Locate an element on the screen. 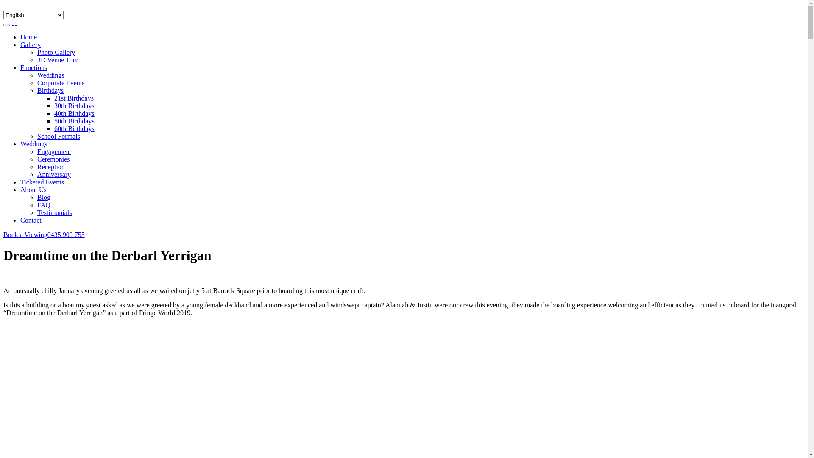  '0435 909 755' is located at coordinates (47, 235).